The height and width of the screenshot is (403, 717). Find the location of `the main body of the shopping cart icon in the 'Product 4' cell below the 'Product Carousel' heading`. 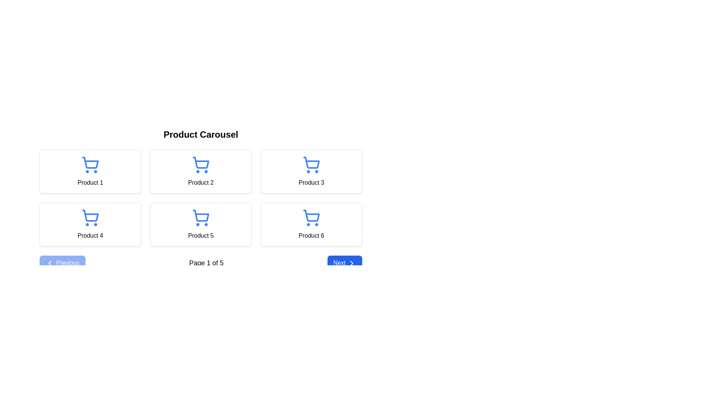

the main body of the shopping cart icon in the 'Product 4' cell below the 'Product Carousel' heading is located at coordinates (90, 216).